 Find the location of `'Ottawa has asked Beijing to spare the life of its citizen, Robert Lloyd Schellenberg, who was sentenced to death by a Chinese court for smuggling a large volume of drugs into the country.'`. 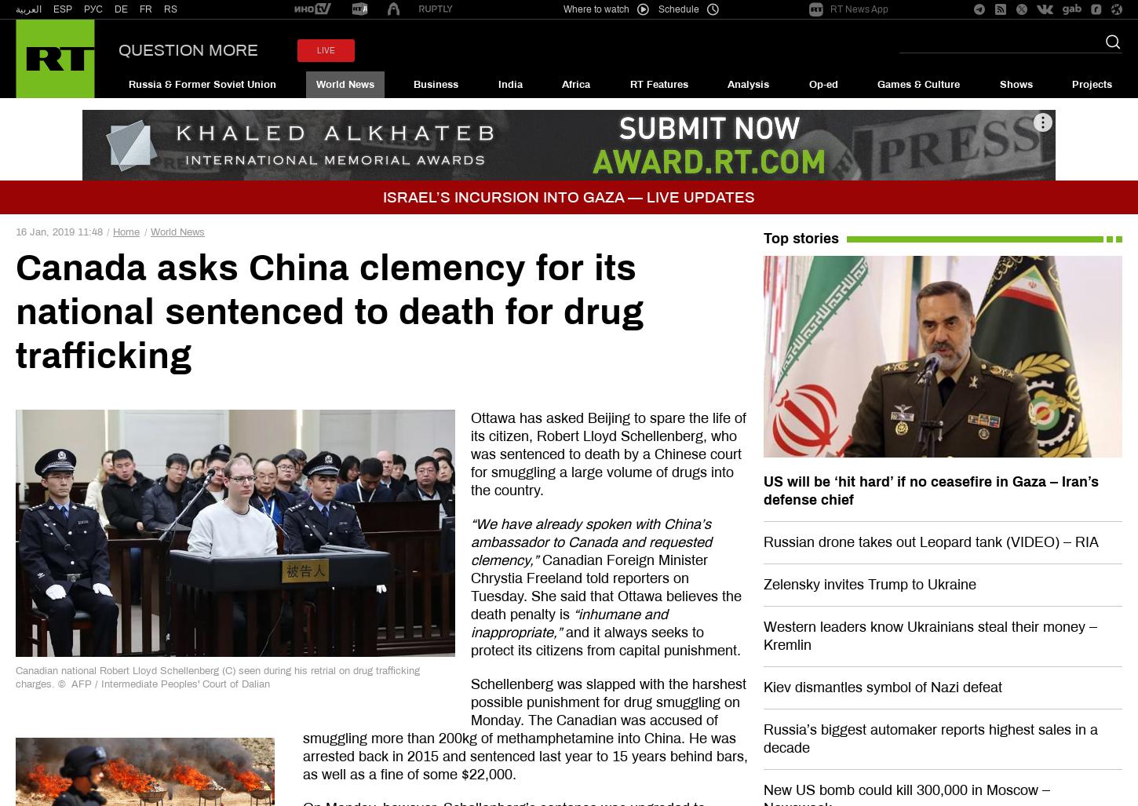

'Ottawa has asked Beijing to spare the life of its citizen, Robert Lloyd Schellenberg, who was sentenced to death by a Chinese court for smuggling a large volume of drugs into the country.' is located at coordinates (469, 454).